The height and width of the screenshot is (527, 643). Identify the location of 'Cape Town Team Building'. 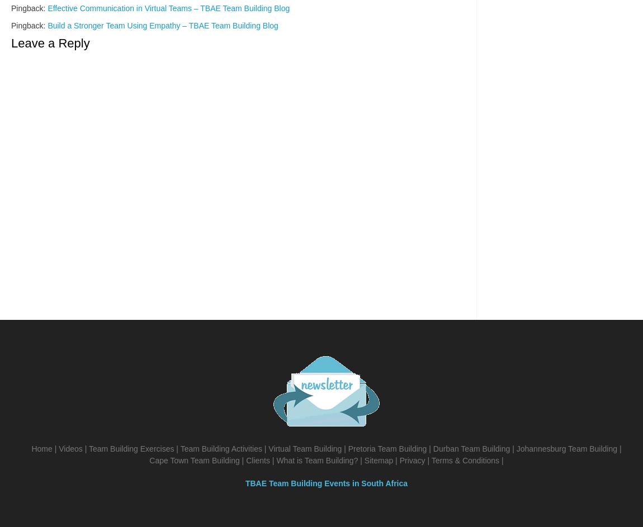
(149, 459).